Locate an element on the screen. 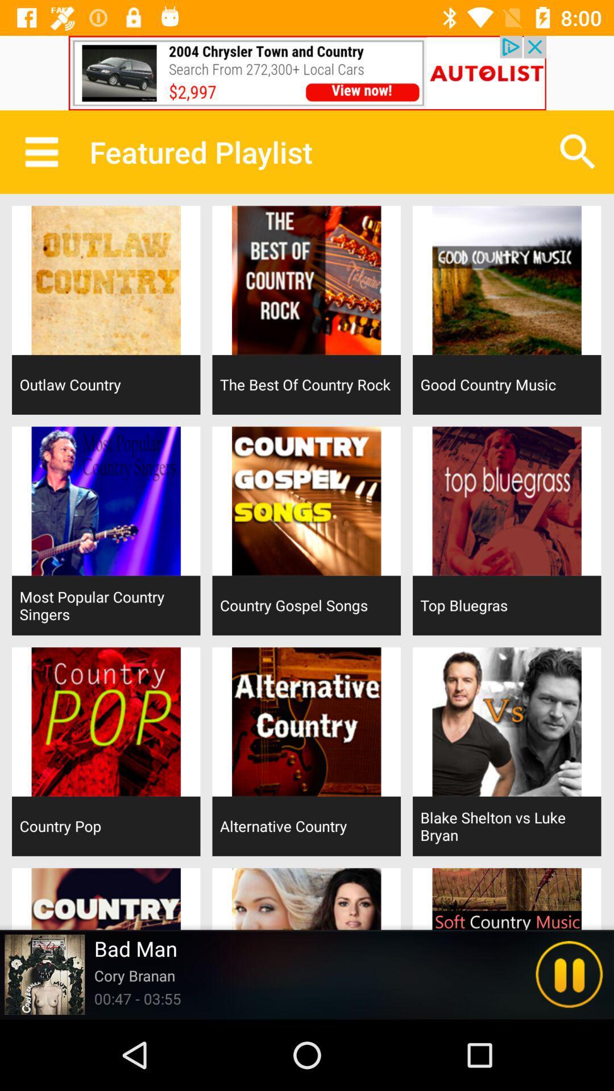  the pause icon is located at coordinates (569, 974).